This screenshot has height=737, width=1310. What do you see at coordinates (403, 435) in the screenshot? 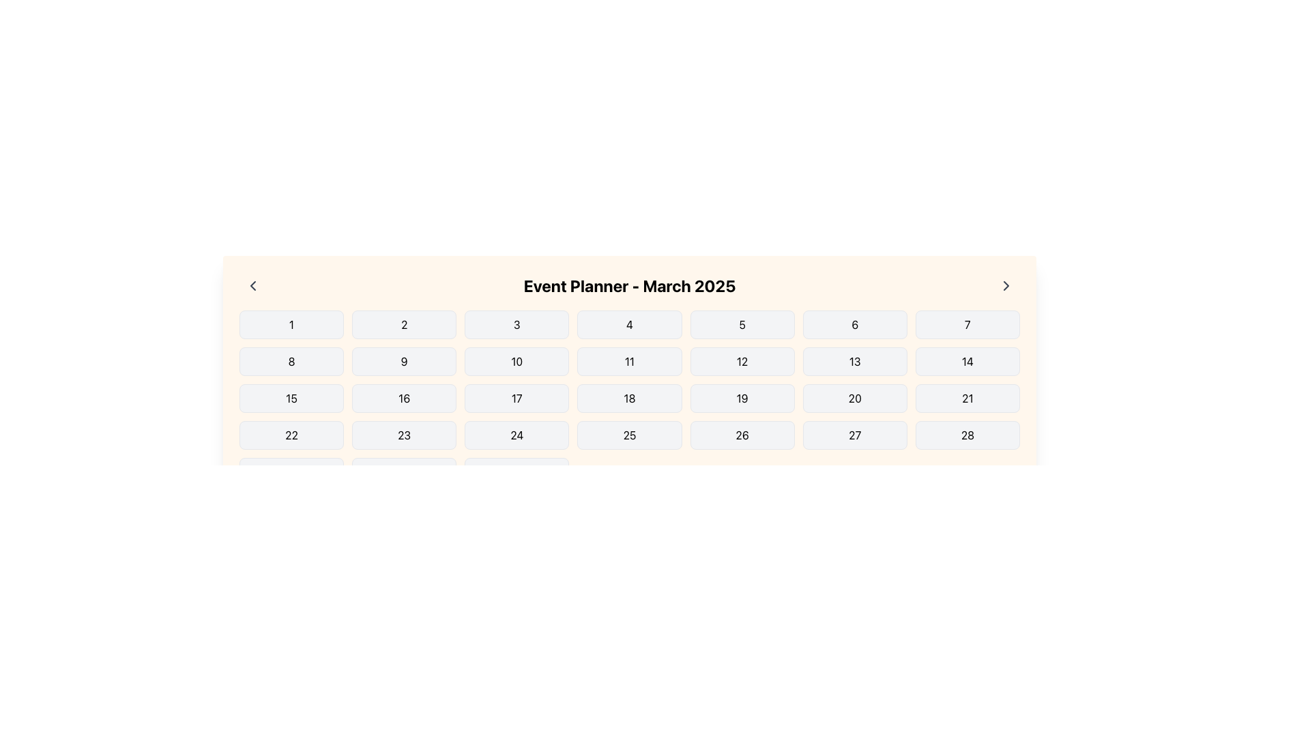
I see `the button representing the 23rd day in the calendar interface for a calendar-specific action` at bounding box center [403, 435].